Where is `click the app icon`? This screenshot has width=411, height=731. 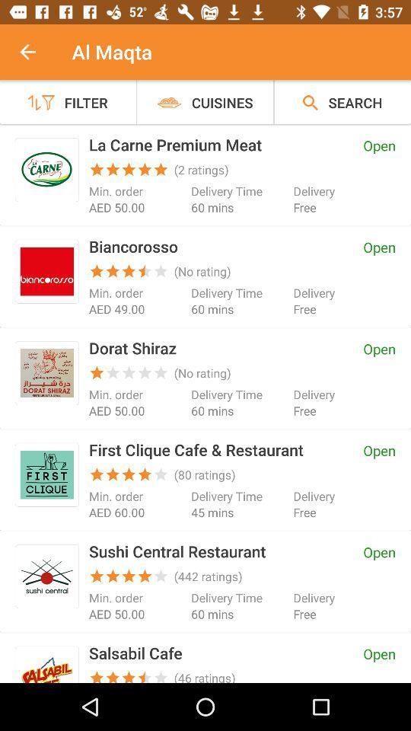 click the app icon is located at coordinates (46, 372).